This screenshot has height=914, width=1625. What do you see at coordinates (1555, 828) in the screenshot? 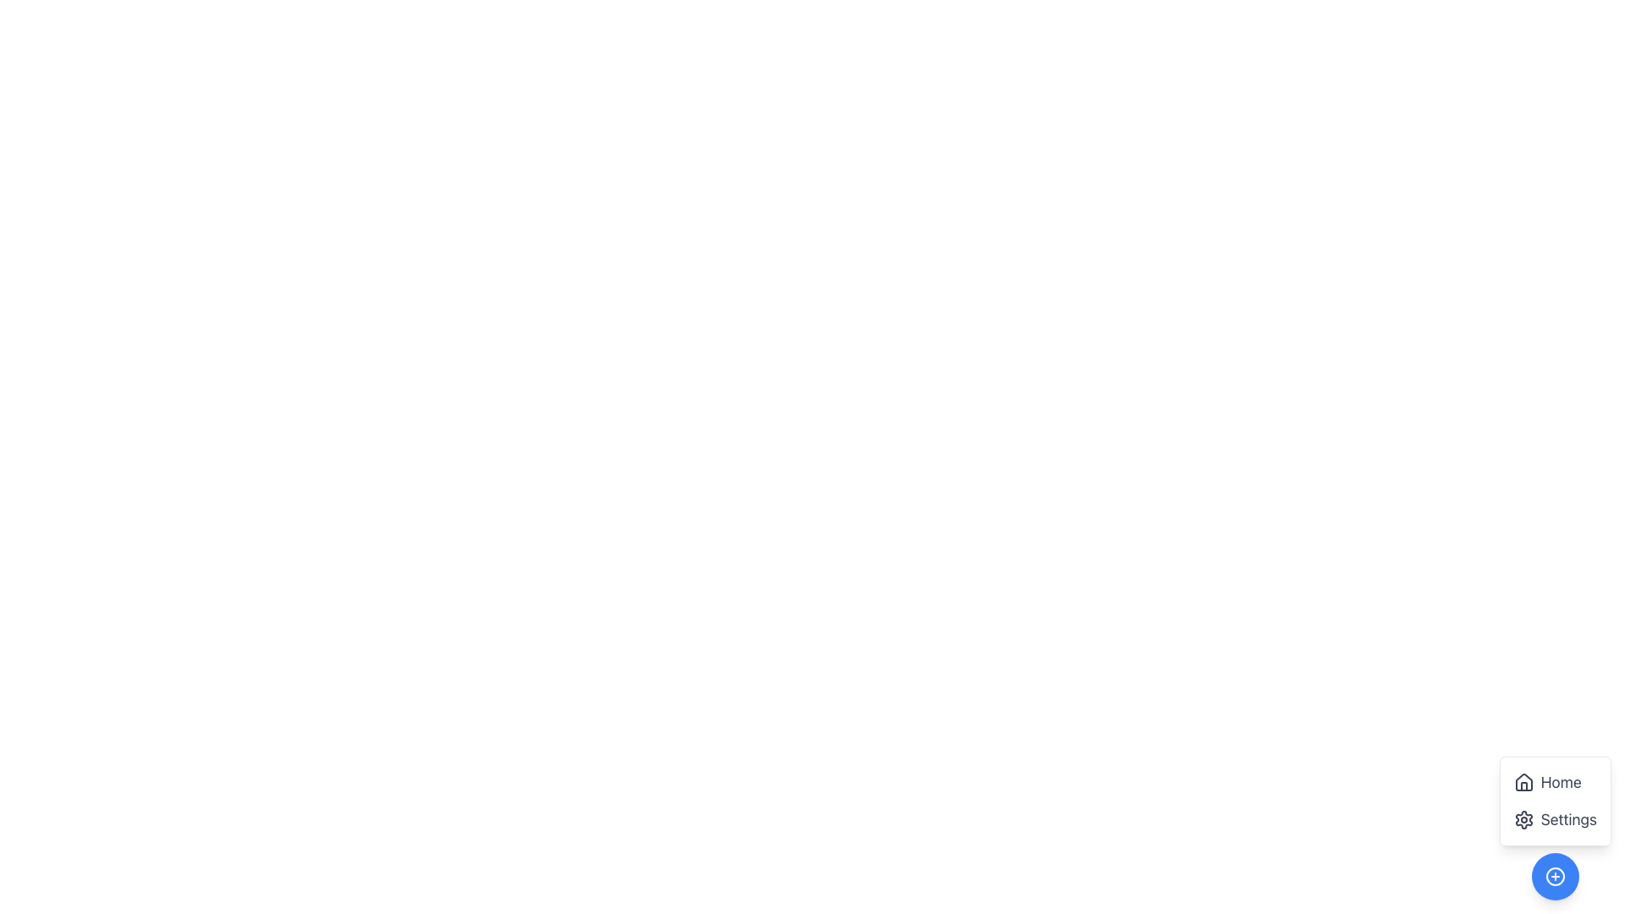
I see `the settings button located in the bottom-right corner of the vertical menu layout` at bounding box center [1555, 828].